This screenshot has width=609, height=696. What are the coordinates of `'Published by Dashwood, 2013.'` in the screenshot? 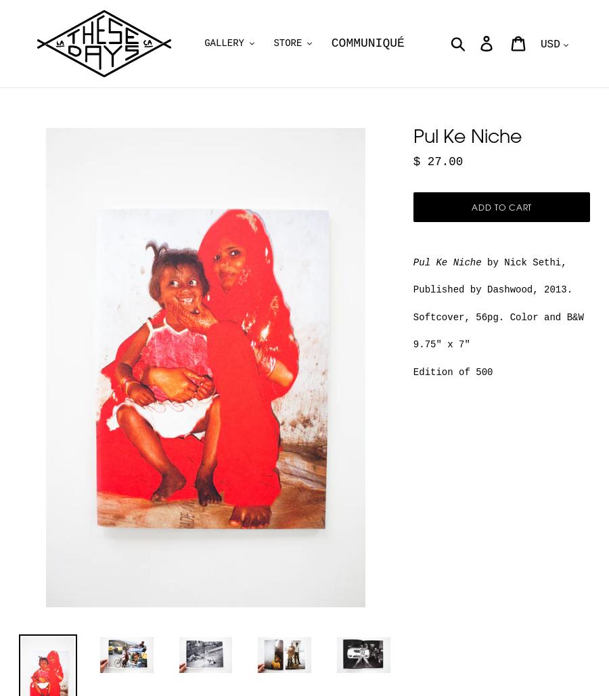 It's located at (492, 289).